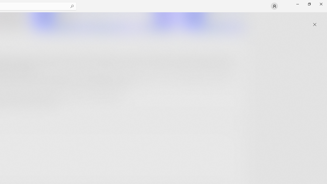 The width and height of the screenshot is (327, 184). What do you see at coordinates (309, 4) in the screenshot?
I see `'Restore Microsoft Store'` at bounding box center [309, 4].